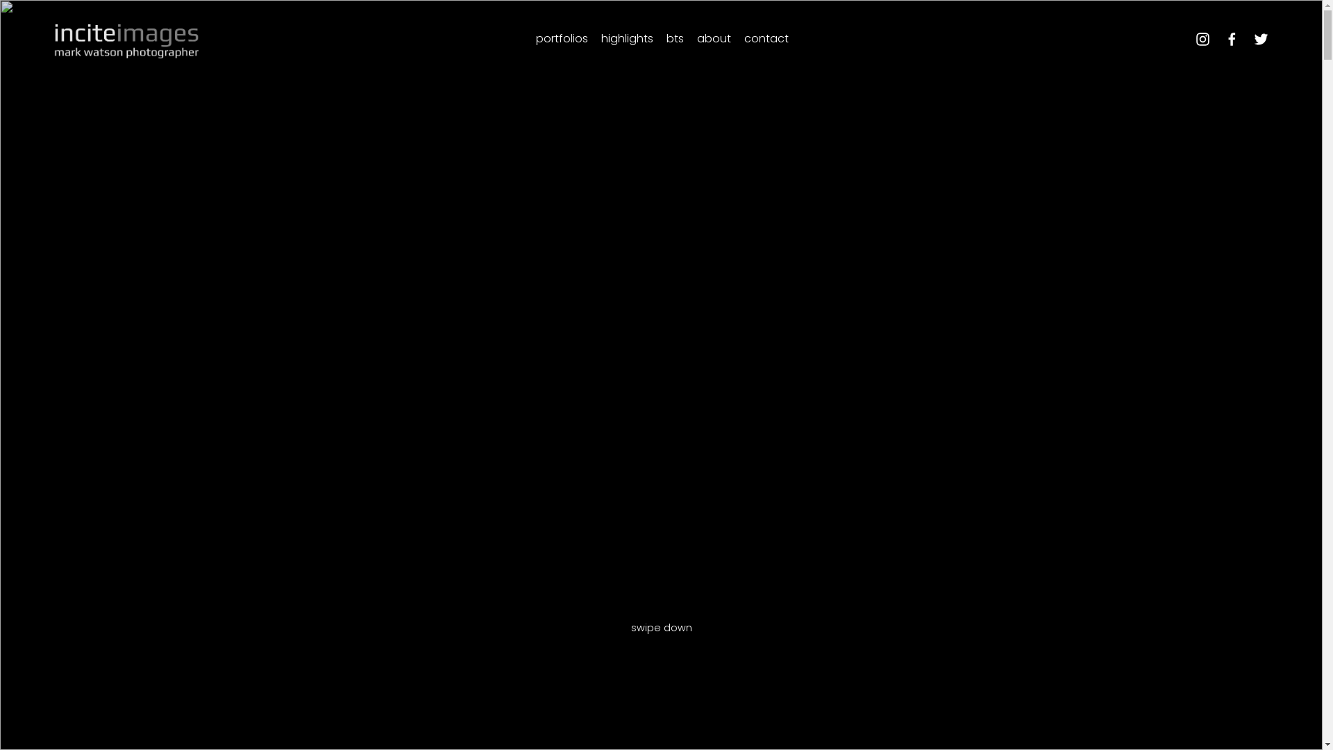  What do you see at coordinates (696, 38) in the screenshot?
I see `'about'` at bounding box center [696, 38].